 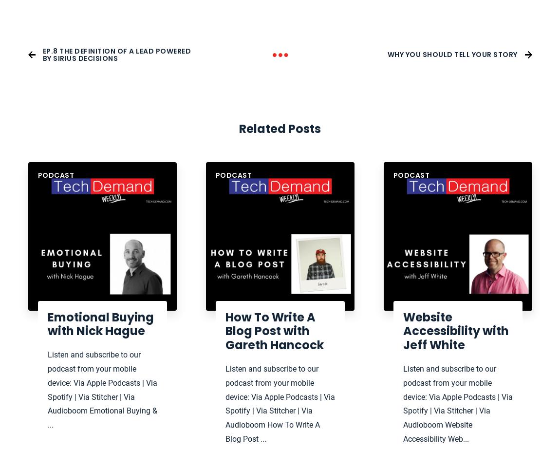 What do you see at coordinates (452, 54) in the screenshot?
I see `'Why you should tell your story'` at bounding box center [452, 54].